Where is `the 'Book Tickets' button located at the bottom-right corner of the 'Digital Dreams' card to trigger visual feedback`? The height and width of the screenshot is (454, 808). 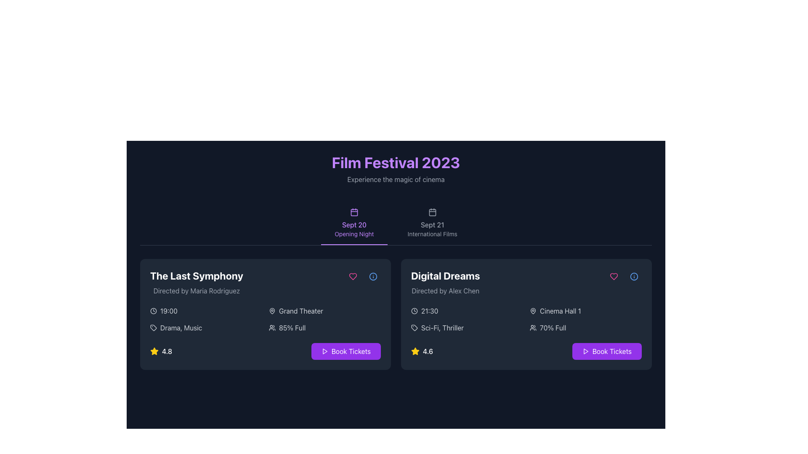
the 'Book Tickets' button located at the bottom-right corner of the 'Digital Dreams' card to trigger visual feedback is located at coordinates (607, 351).